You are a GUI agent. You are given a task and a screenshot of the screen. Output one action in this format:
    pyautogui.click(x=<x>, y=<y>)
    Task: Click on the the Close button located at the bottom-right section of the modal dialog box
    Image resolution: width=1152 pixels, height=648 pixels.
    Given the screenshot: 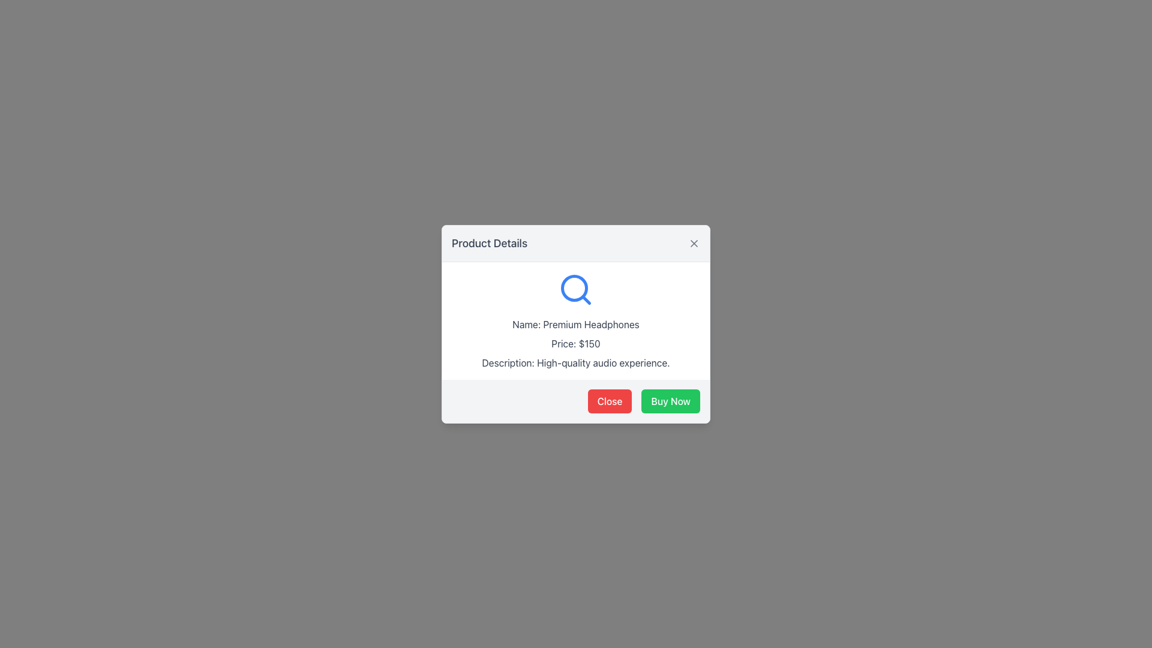 What is the action you would take?
    pyautogui.click(x=610, y=401)
    